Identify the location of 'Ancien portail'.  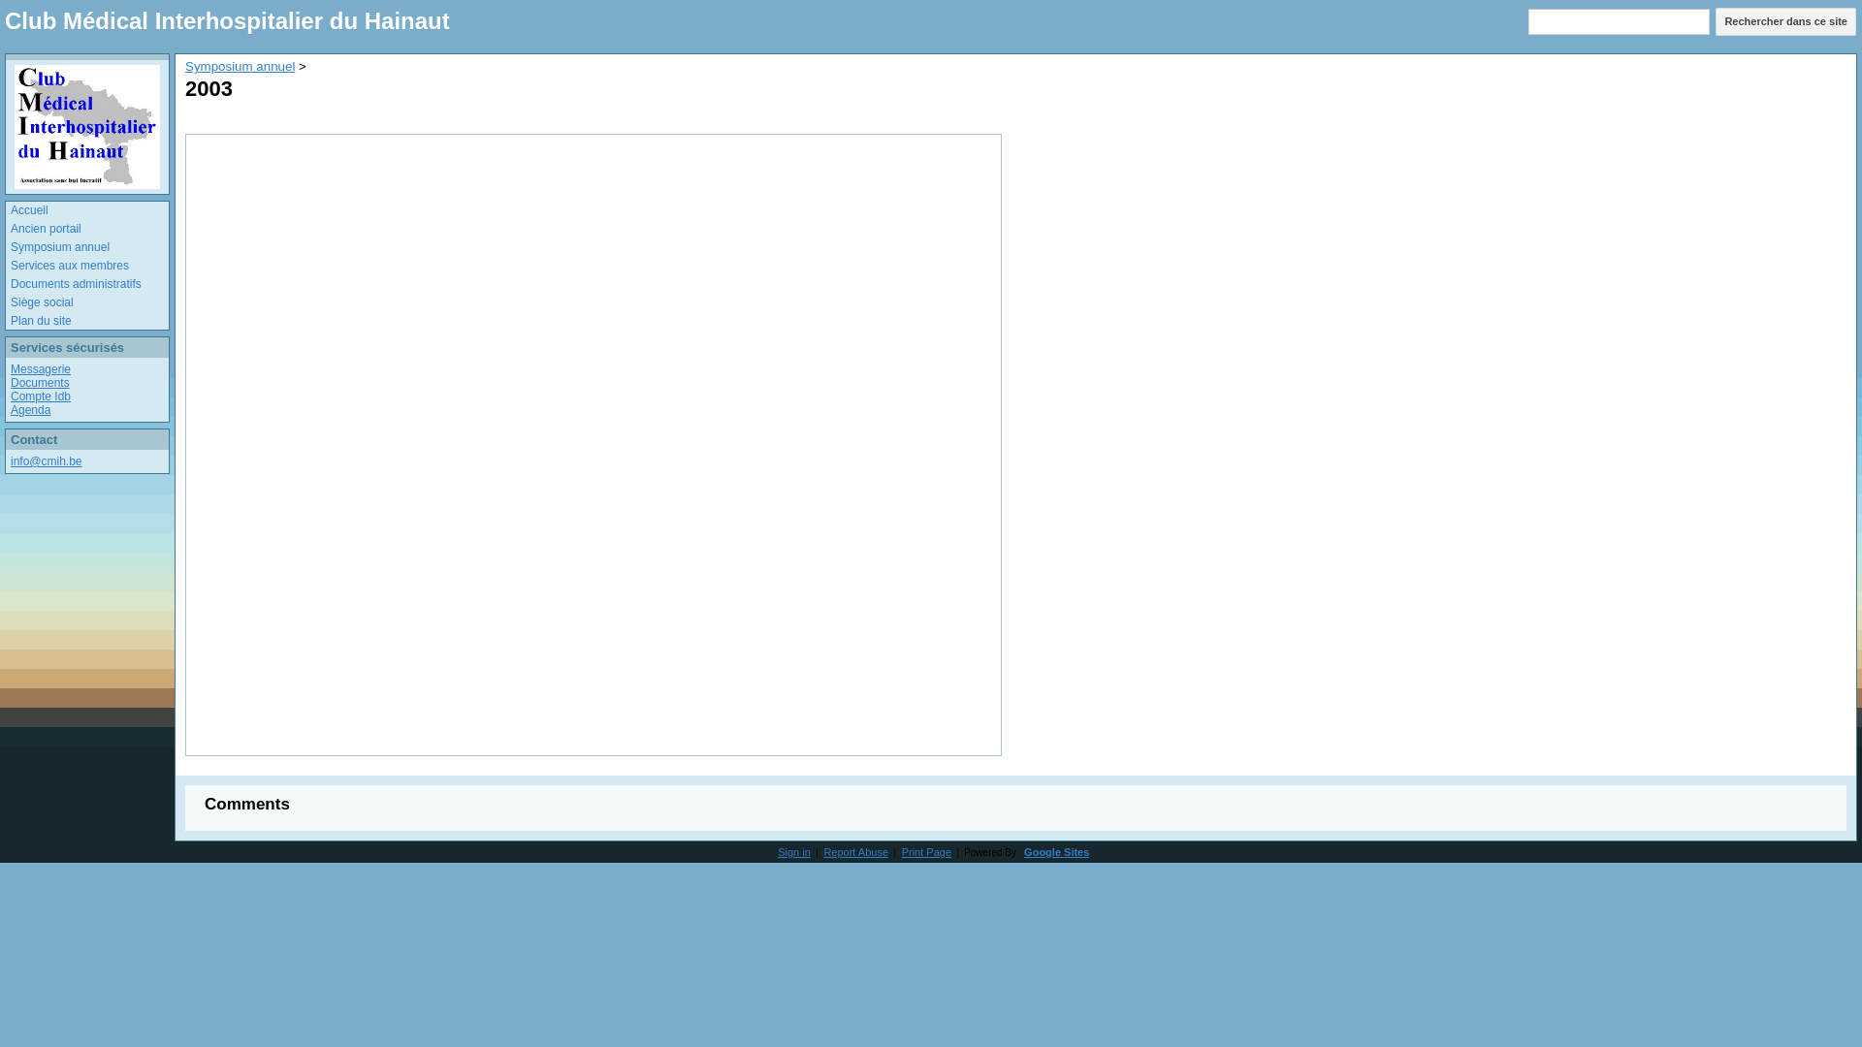
(10, 228).